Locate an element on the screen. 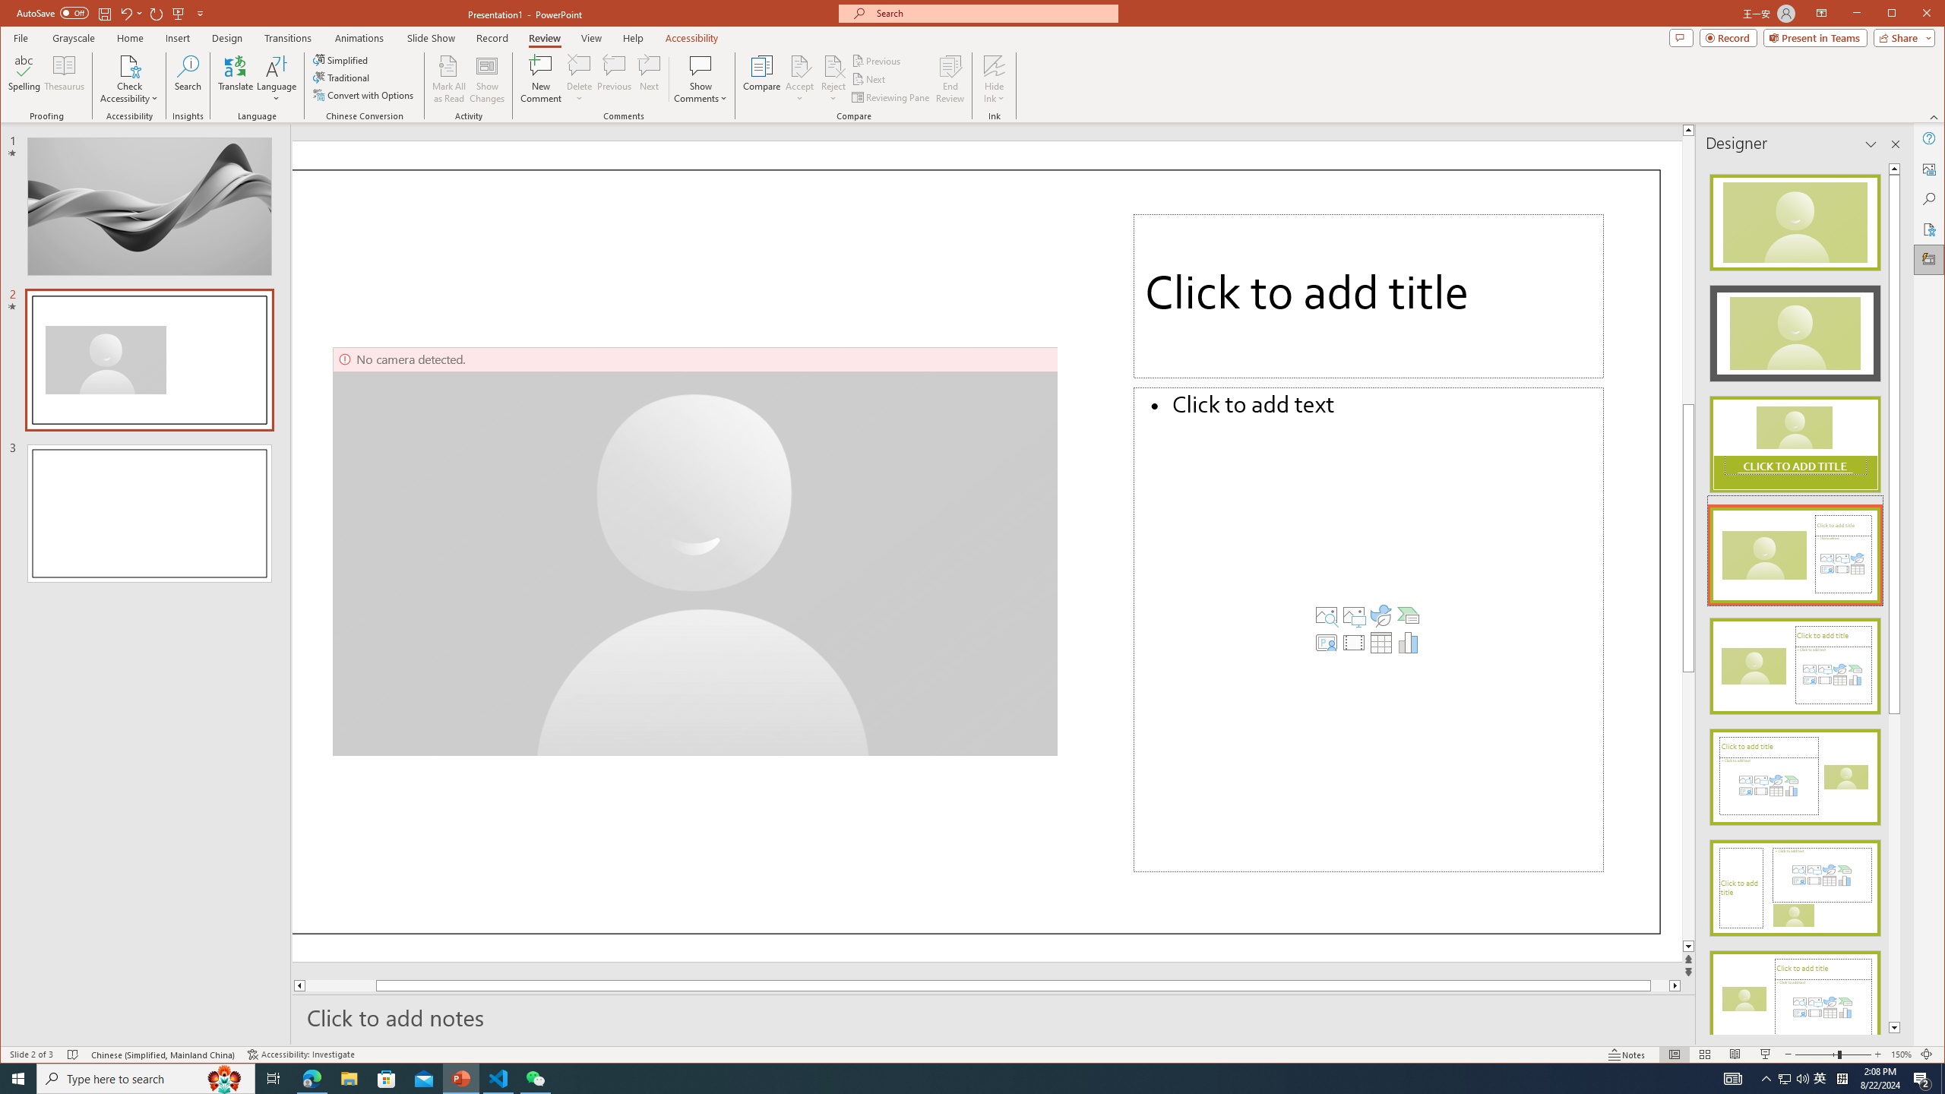 This screenshot has width=1945, height=1094. 'Next' is located at coordinates (870, 79).